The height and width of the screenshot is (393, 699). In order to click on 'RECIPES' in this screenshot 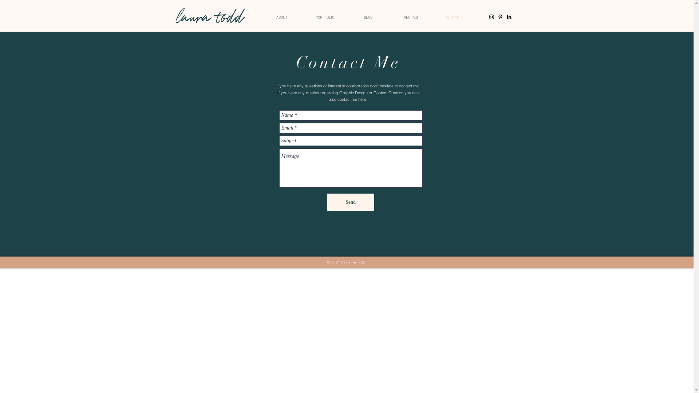, I will do `click(411, 16)`.